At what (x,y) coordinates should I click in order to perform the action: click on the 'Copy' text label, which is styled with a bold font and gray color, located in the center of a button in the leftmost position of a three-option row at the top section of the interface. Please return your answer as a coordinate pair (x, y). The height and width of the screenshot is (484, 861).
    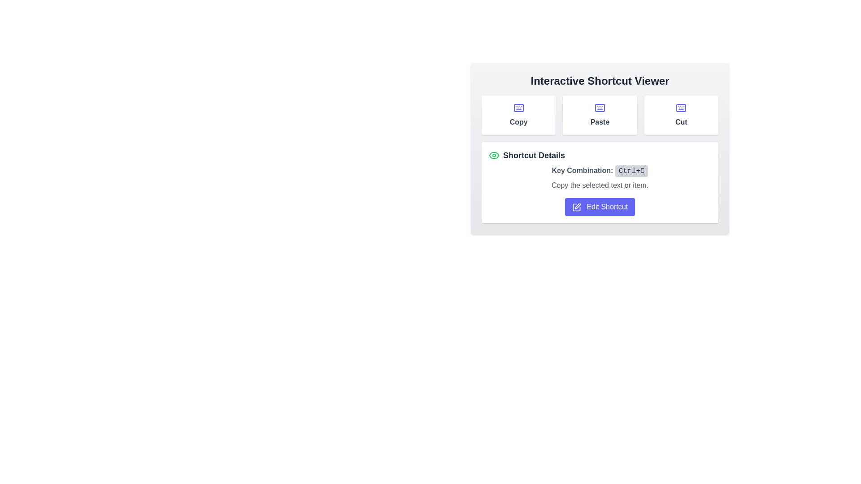
    Looking at the image, I should click on (518, 122).